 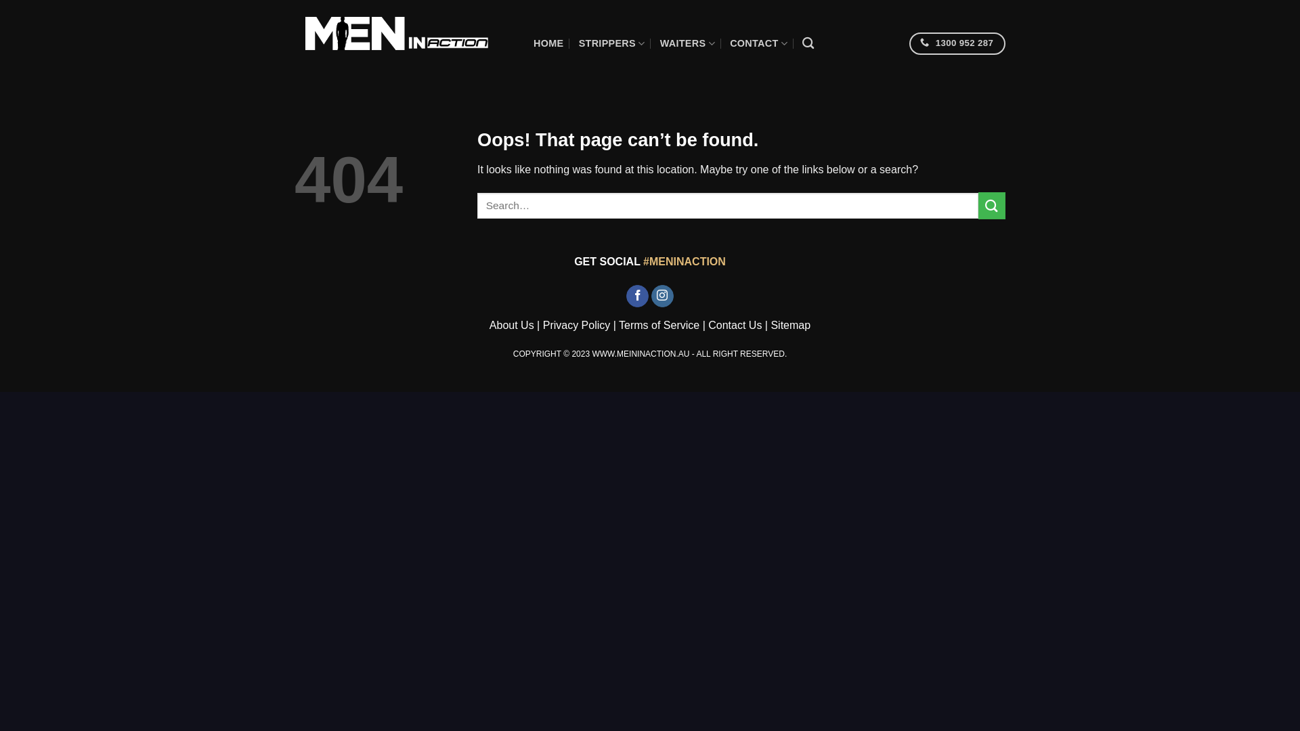 I want to click on 'CONTACT', so click(x=758, y=43).